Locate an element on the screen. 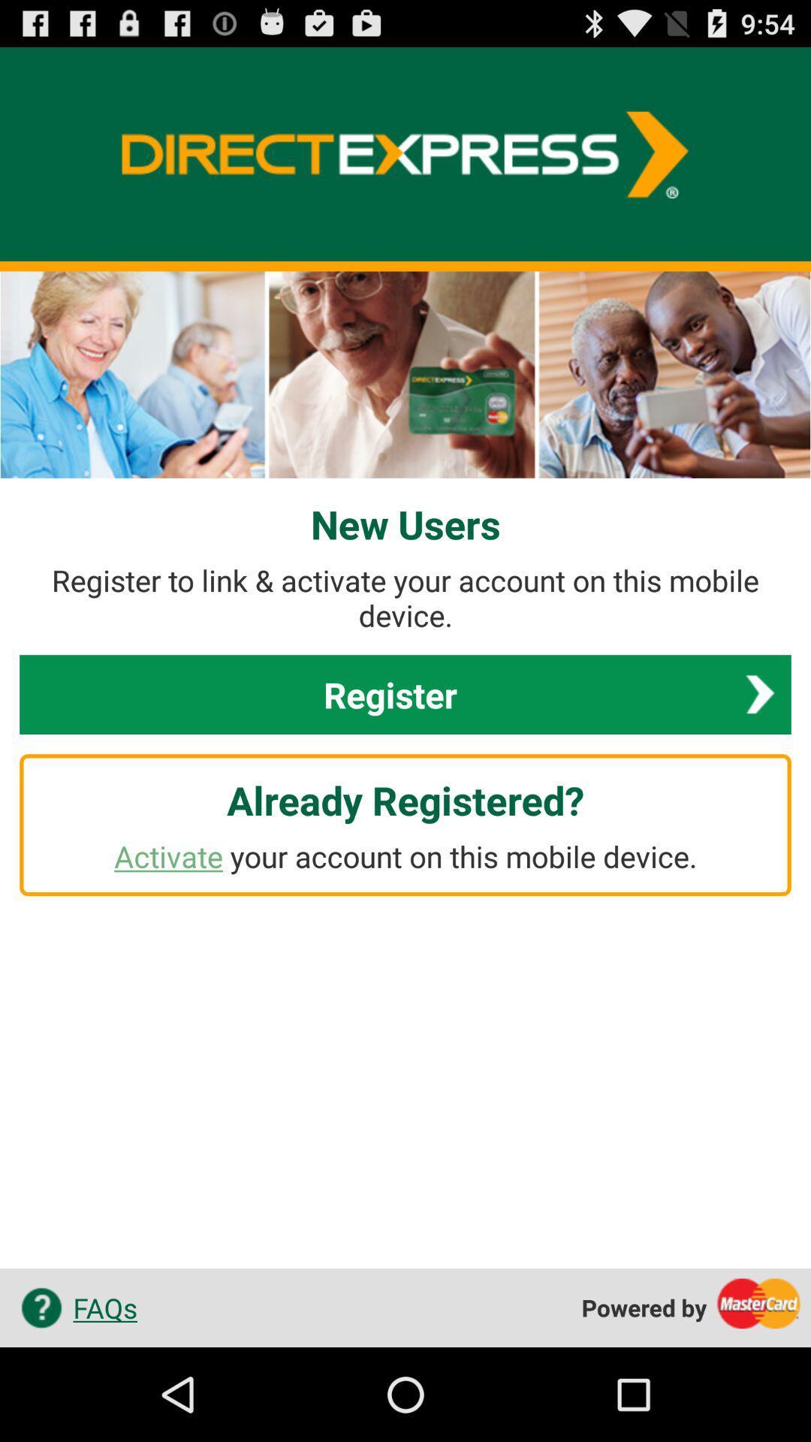 Image resolution: width=811 pixels, height=1442 pixels. the app next to the powered by icon is located at coordinates (74, 1307).